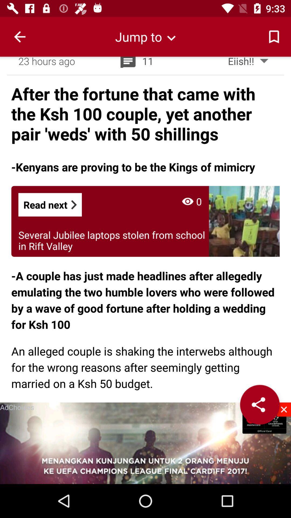 The image size is (291, 518). Describe the element at coordinates (145, 36) in the screenshot. I see `jump to dropdown menu` at that location.